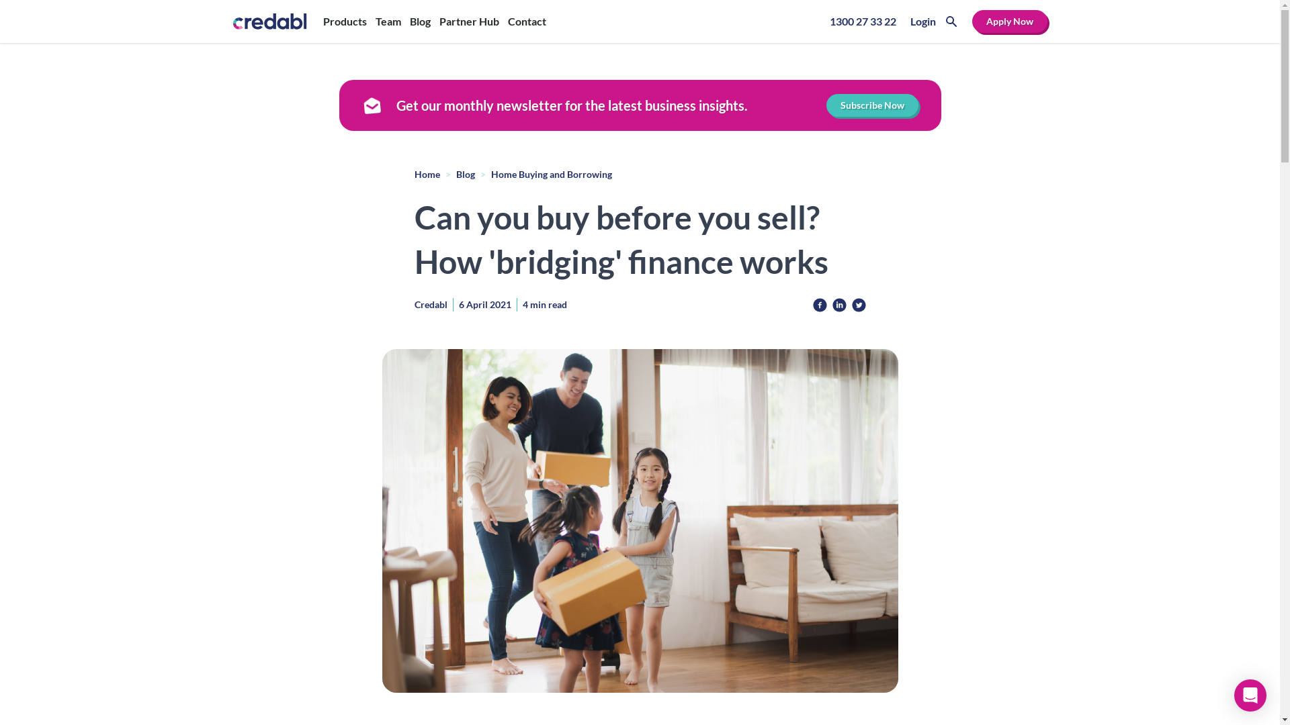 This screenshot has height=725, width=1290. I want to click on 'Apply Now', so click(1009, 21).